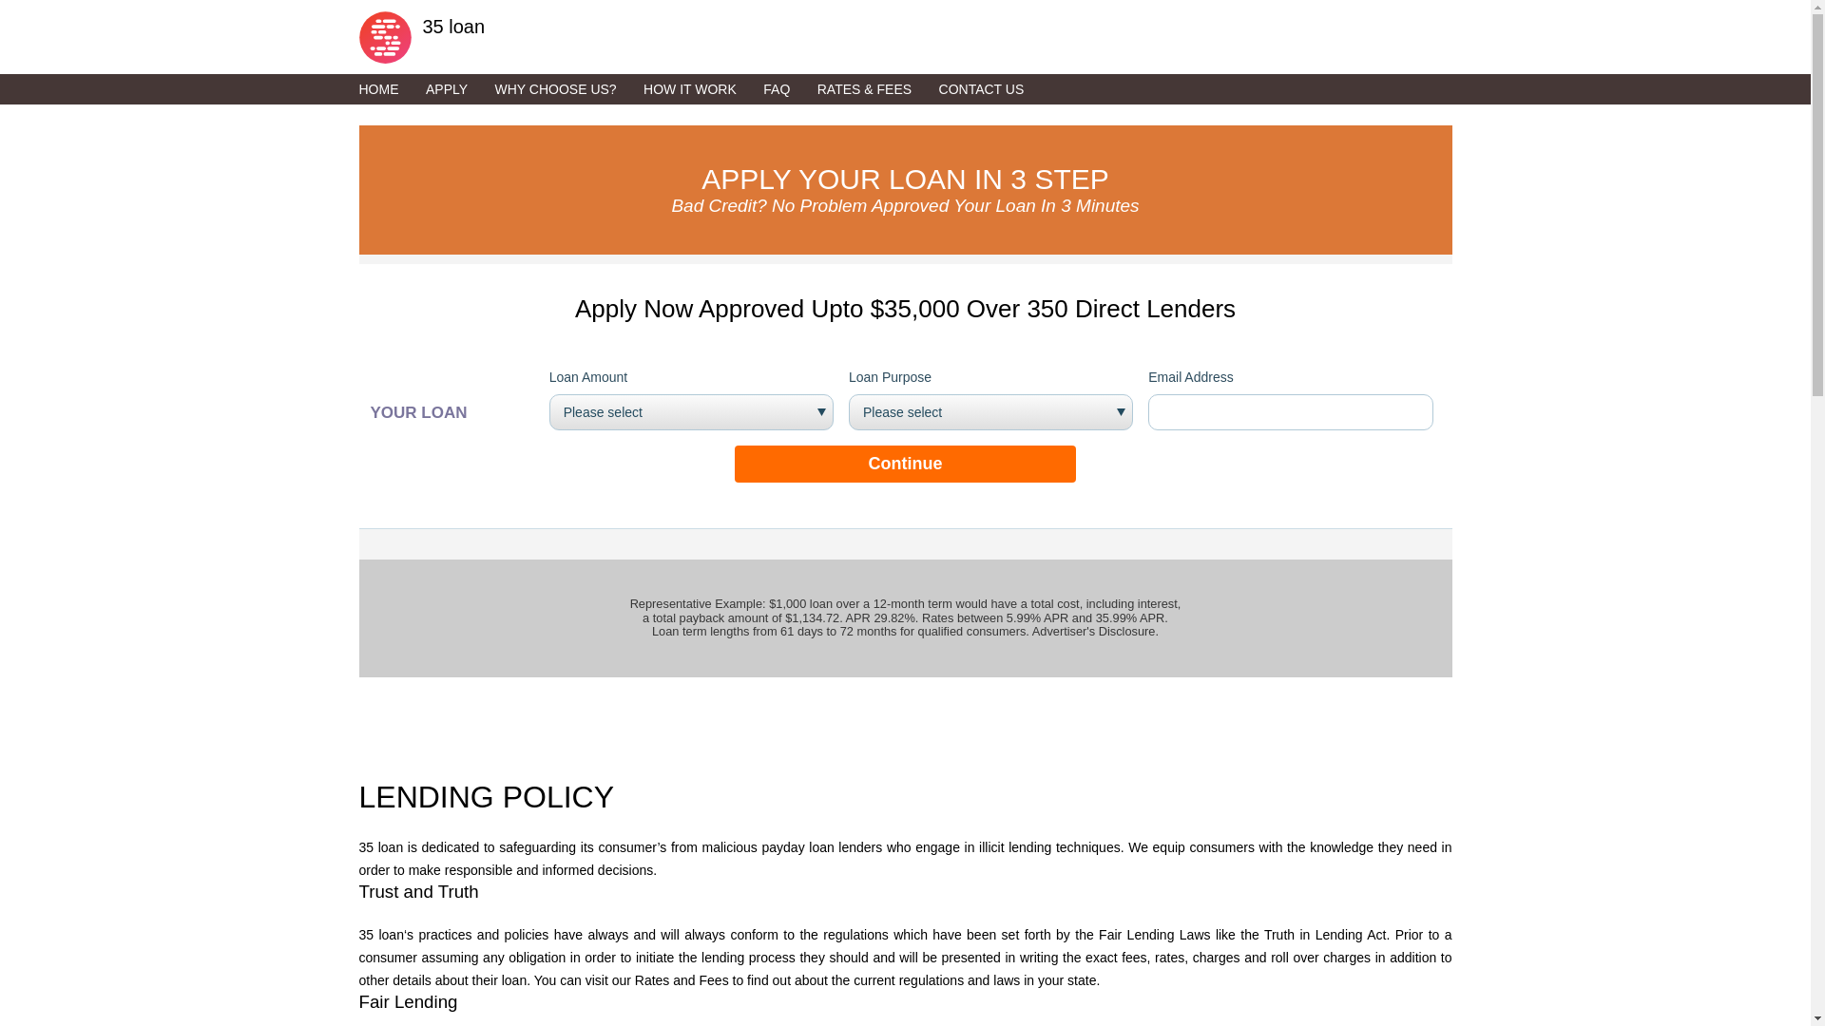  What do you see at coordinates (701, 88) in the screenshot?
I see `'HOW IT WORK'` at bounding box center [701, 88].